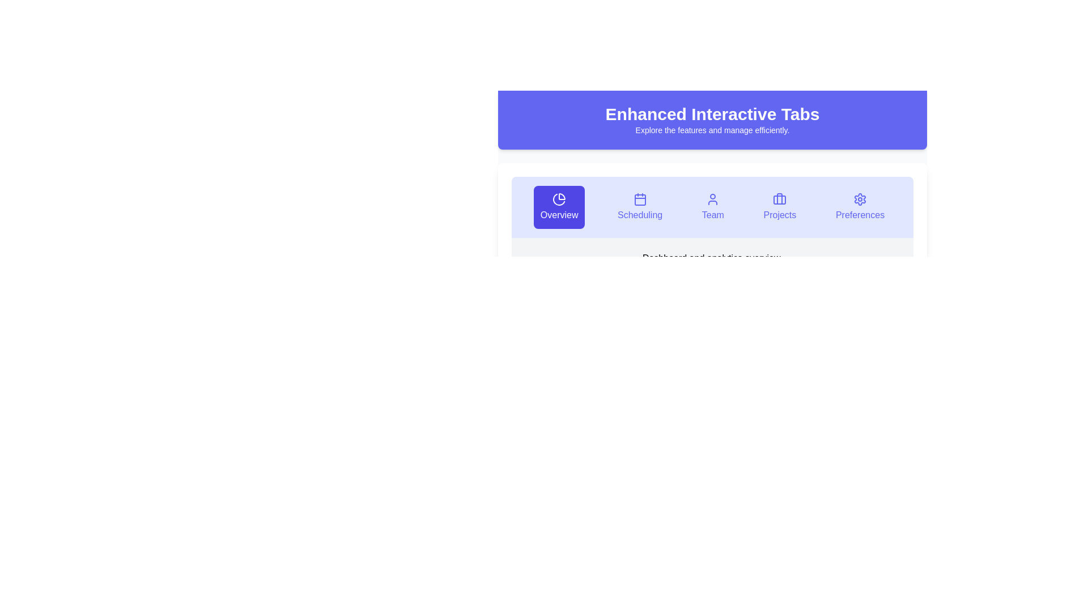 The width and height of the screenshot is (1088, 612). I want to click on the 'Overview' button, which is represented by an icon that serves as a visual indicator for the section, located in the top-left of the options bar, so click(559, 198).